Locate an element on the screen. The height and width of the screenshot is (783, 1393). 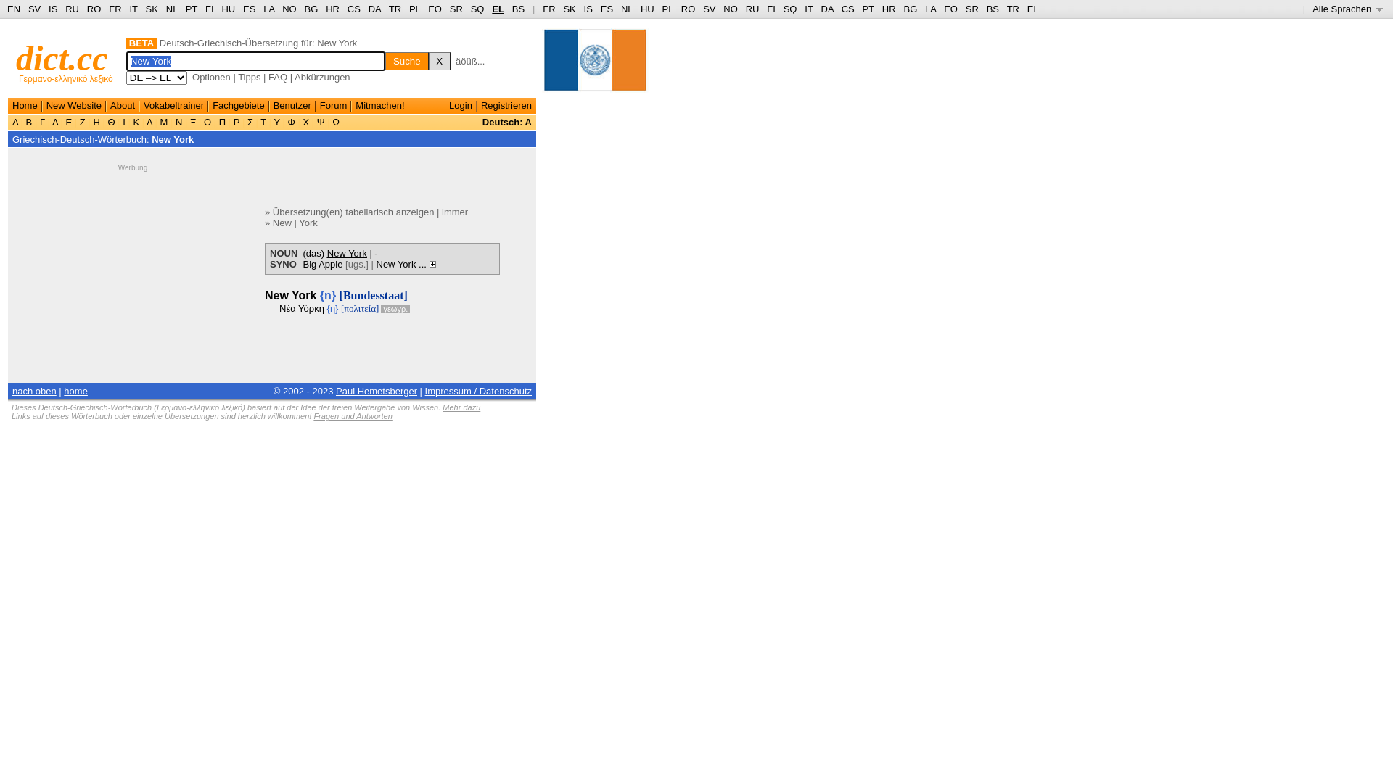
'NL' is located at coordinates (627, 9).